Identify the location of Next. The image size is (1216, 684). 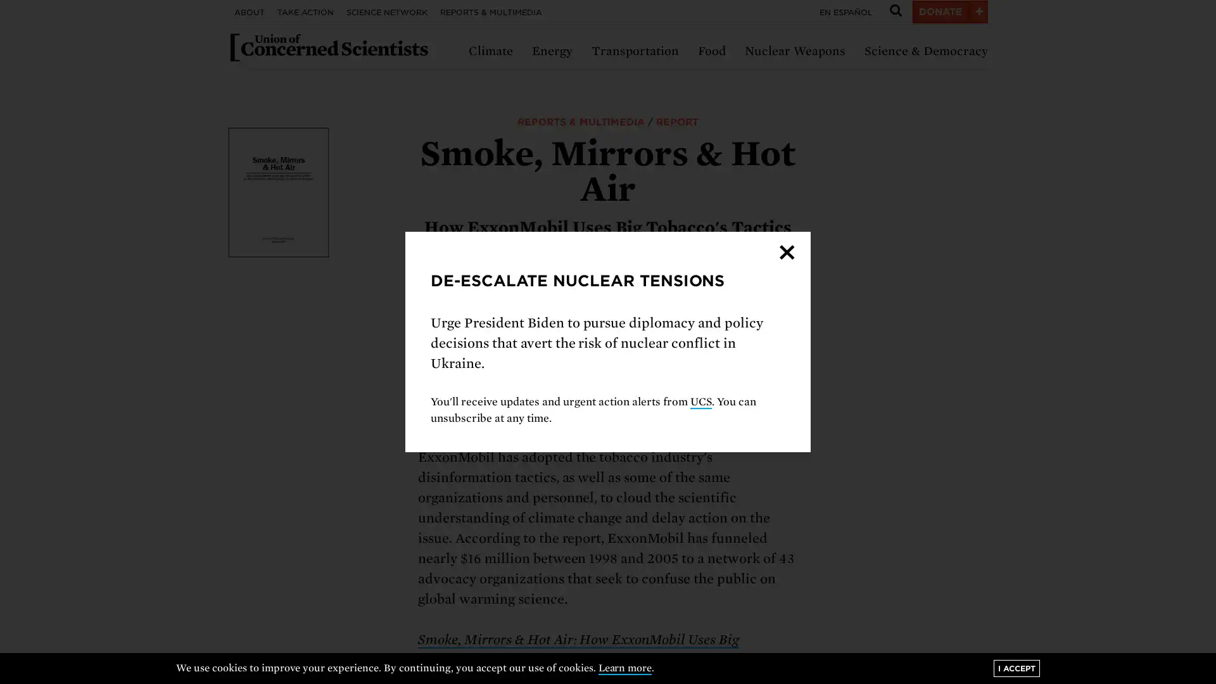
(608, 426).